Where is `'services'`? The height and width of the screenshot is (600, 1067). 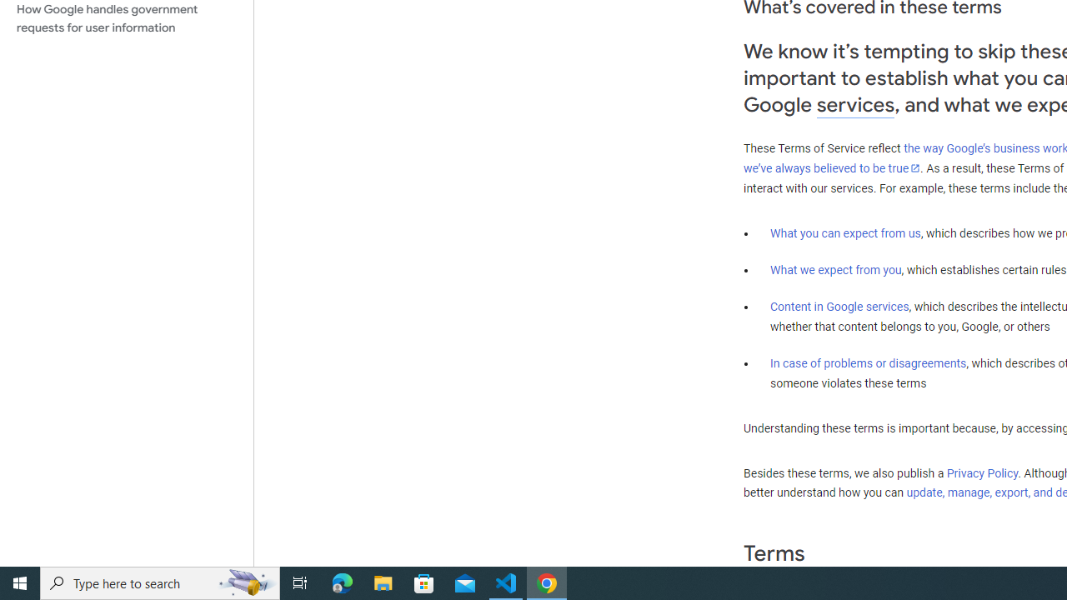 'services' is located at coordinates (855, 104).